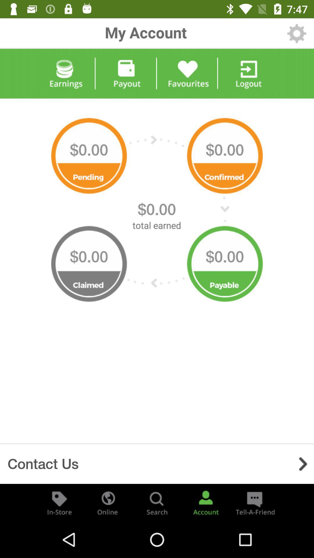  What do you see at coordinates (187, 73) in the screenshot?
I see `the favorite icon` at bounding box center [187, 73].